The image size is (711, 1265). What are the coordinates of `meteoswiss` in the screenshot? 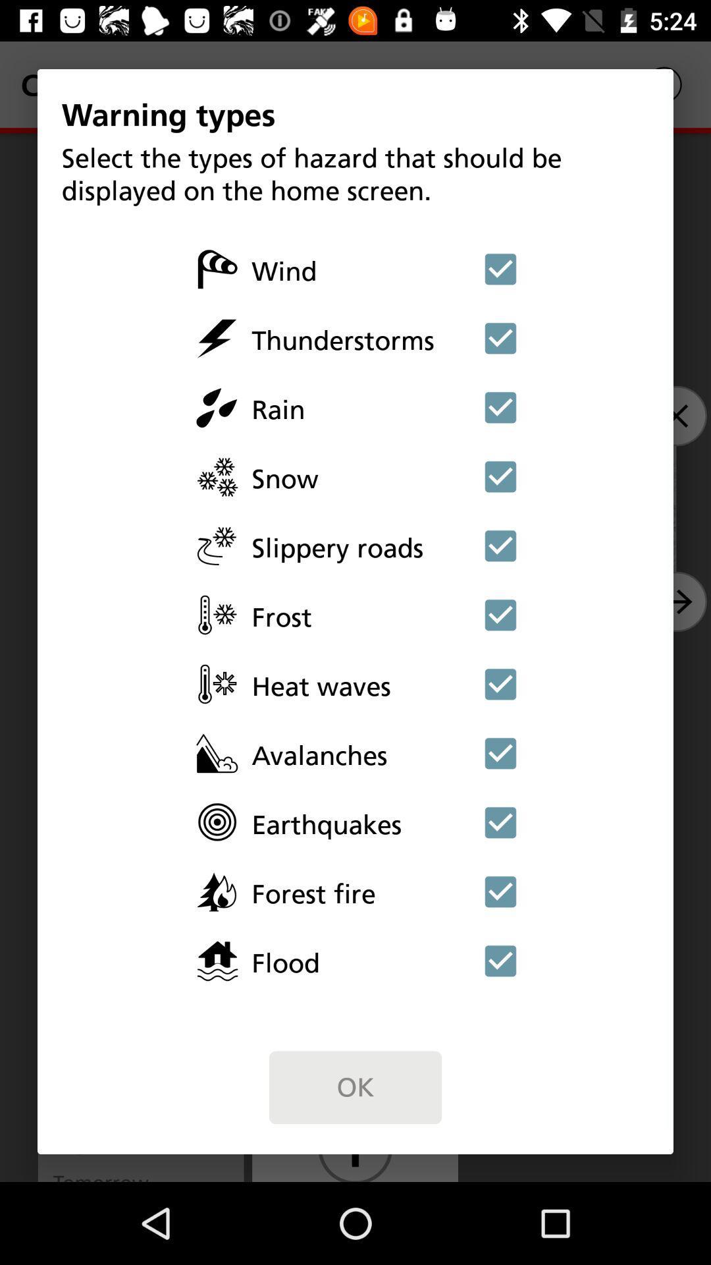 It's located at (500, 753).